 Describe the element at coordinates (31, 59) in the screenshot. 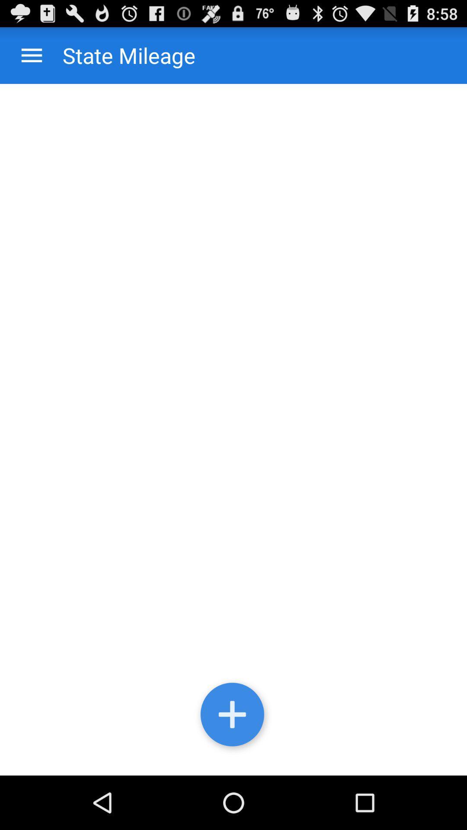

I see `the menu icon` at that location.